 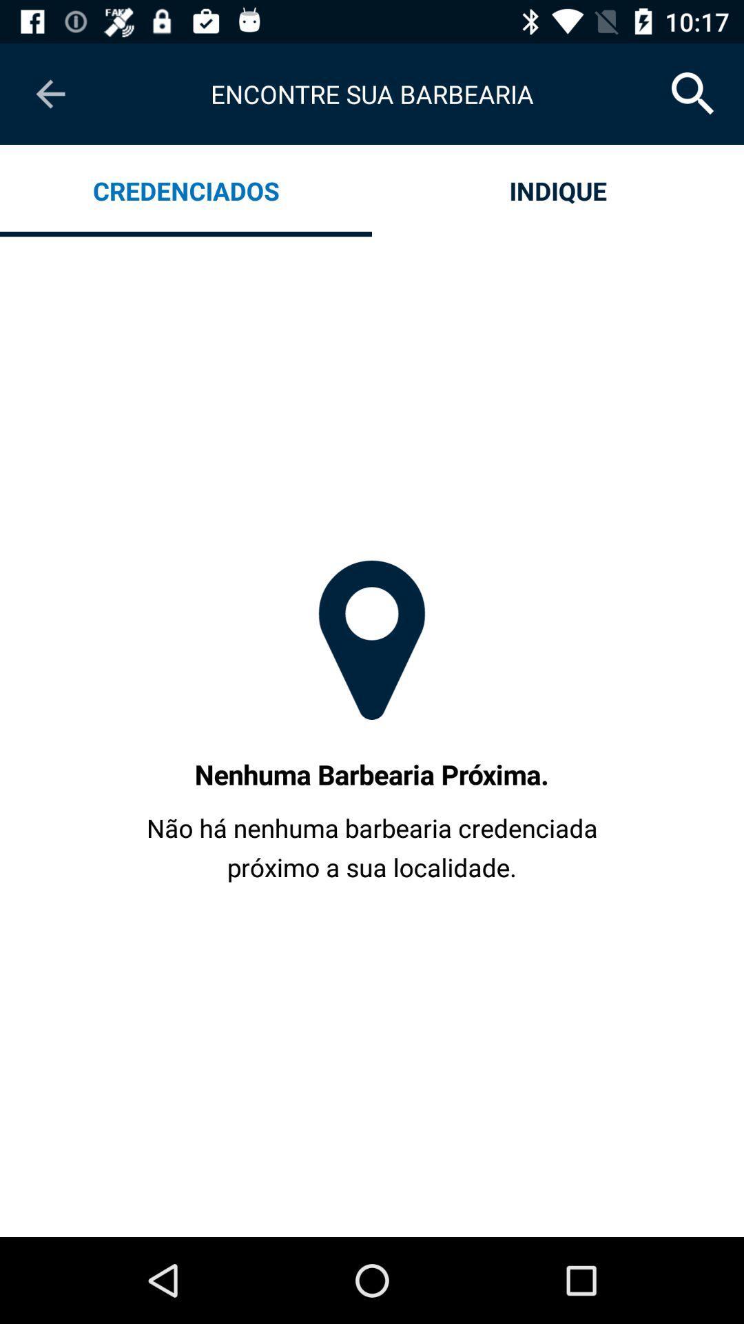 What do you see at coordinates (558, 190) in the screenshot?
I see `icon to the right of the credenciados` at bounding box center [558, 190].